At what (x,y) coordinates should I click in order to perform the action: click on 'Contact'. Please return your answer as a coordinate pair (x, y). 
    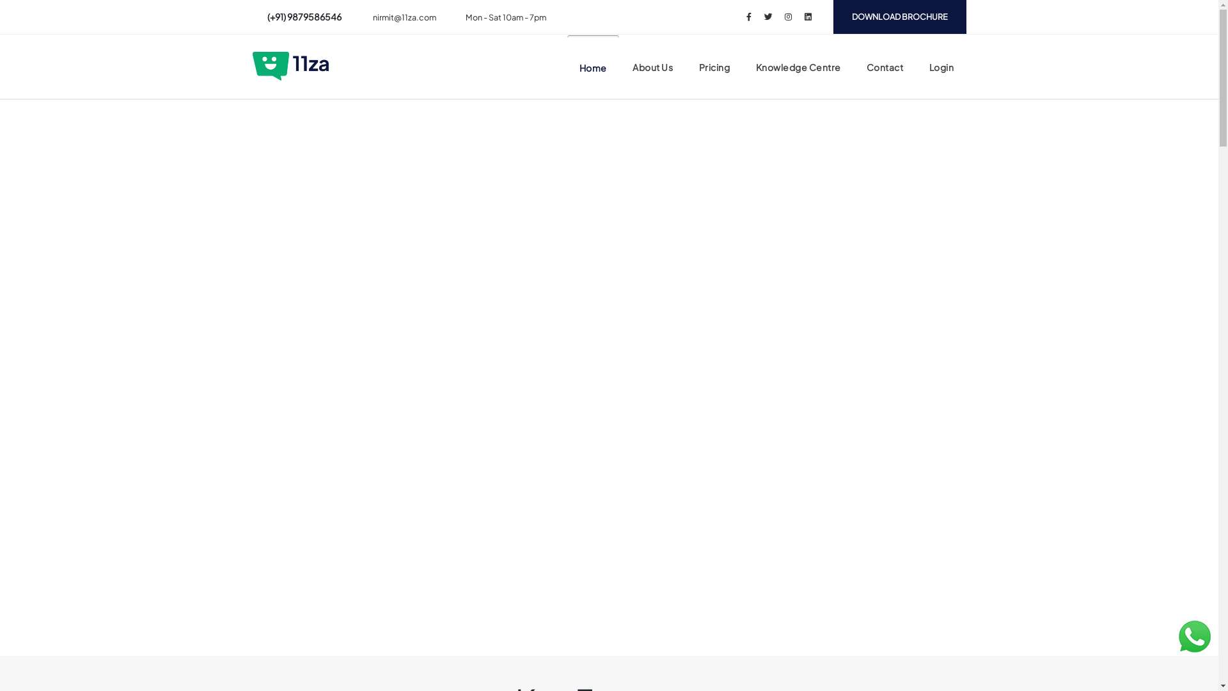
    Looking at the image, I should click on (884, 67).